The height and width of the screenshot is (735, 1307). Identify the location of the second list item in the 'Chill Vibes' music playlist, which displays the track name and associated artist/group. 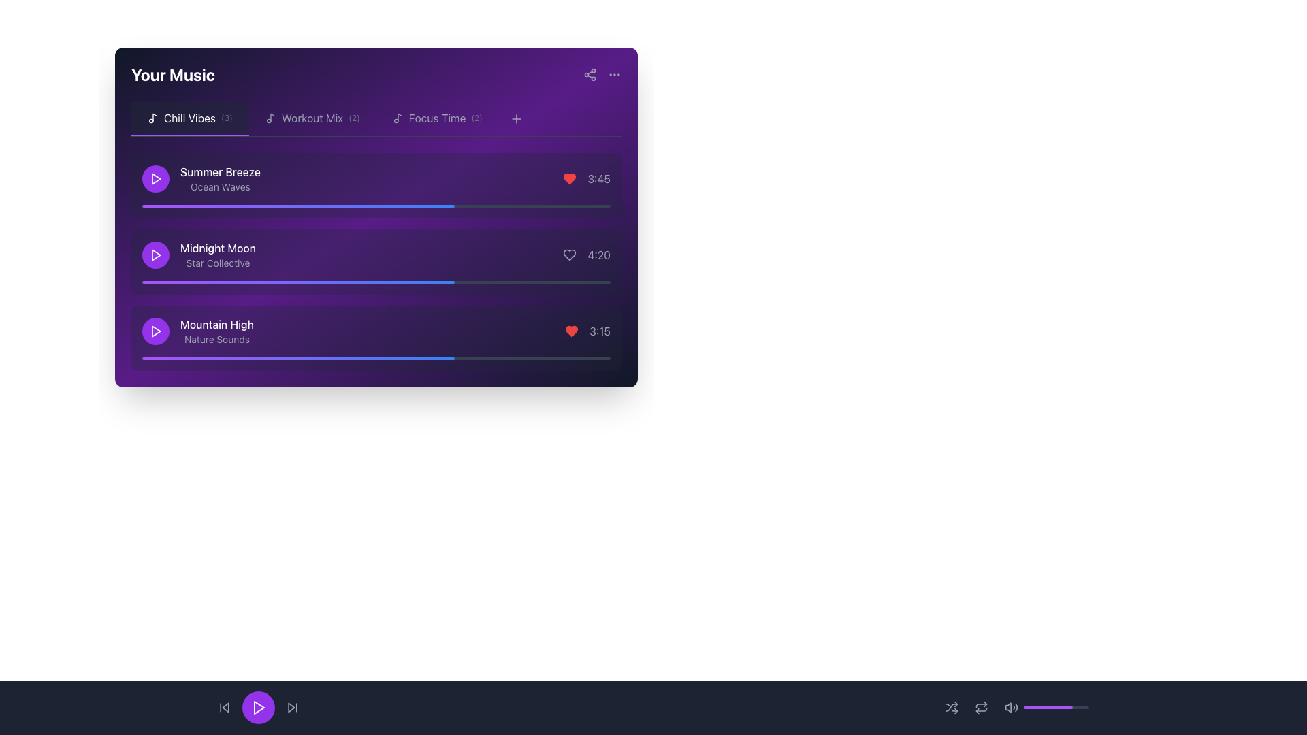
(198, 255).